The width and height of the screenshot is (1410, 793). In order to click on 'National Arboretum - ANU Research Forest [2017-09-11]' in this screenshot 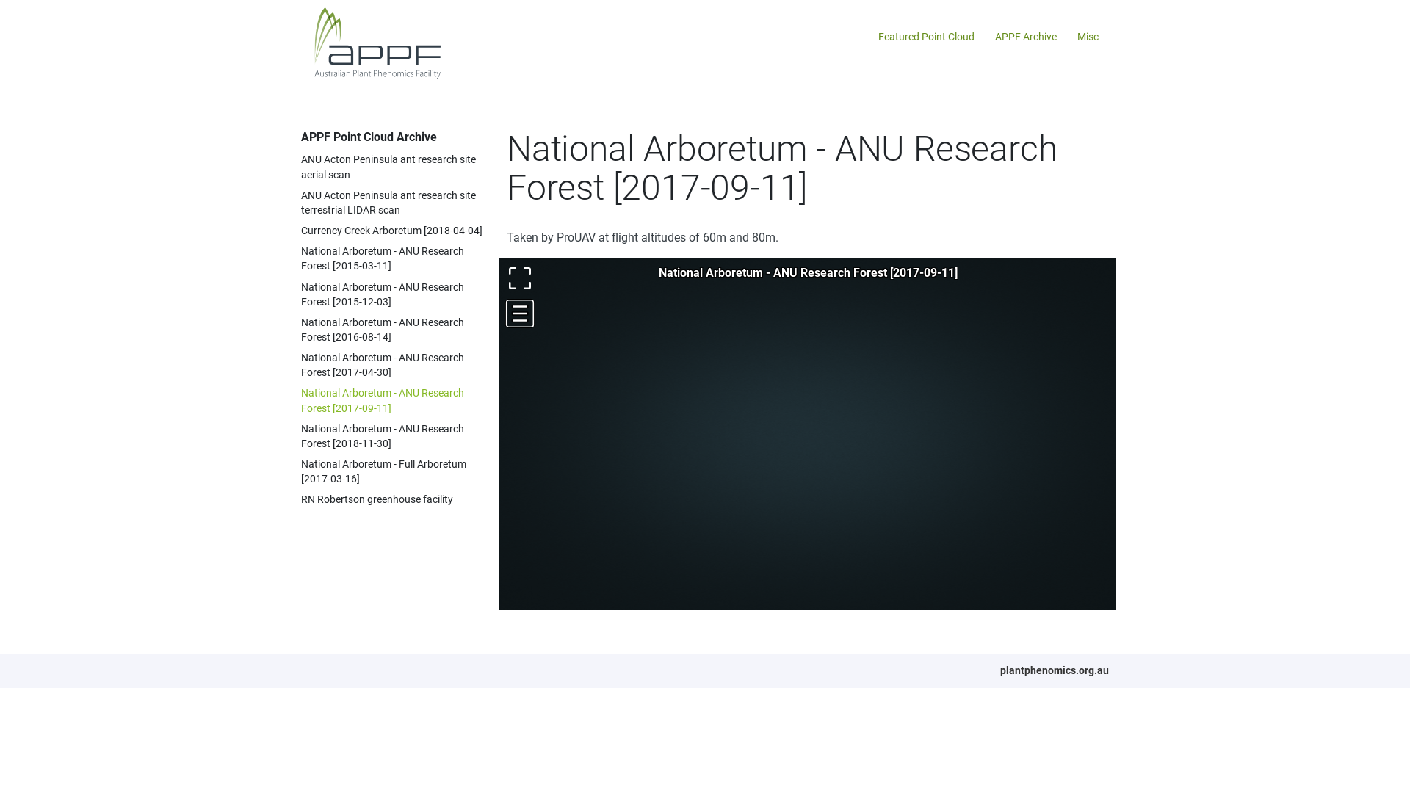, I will do `click(383, 400)`.